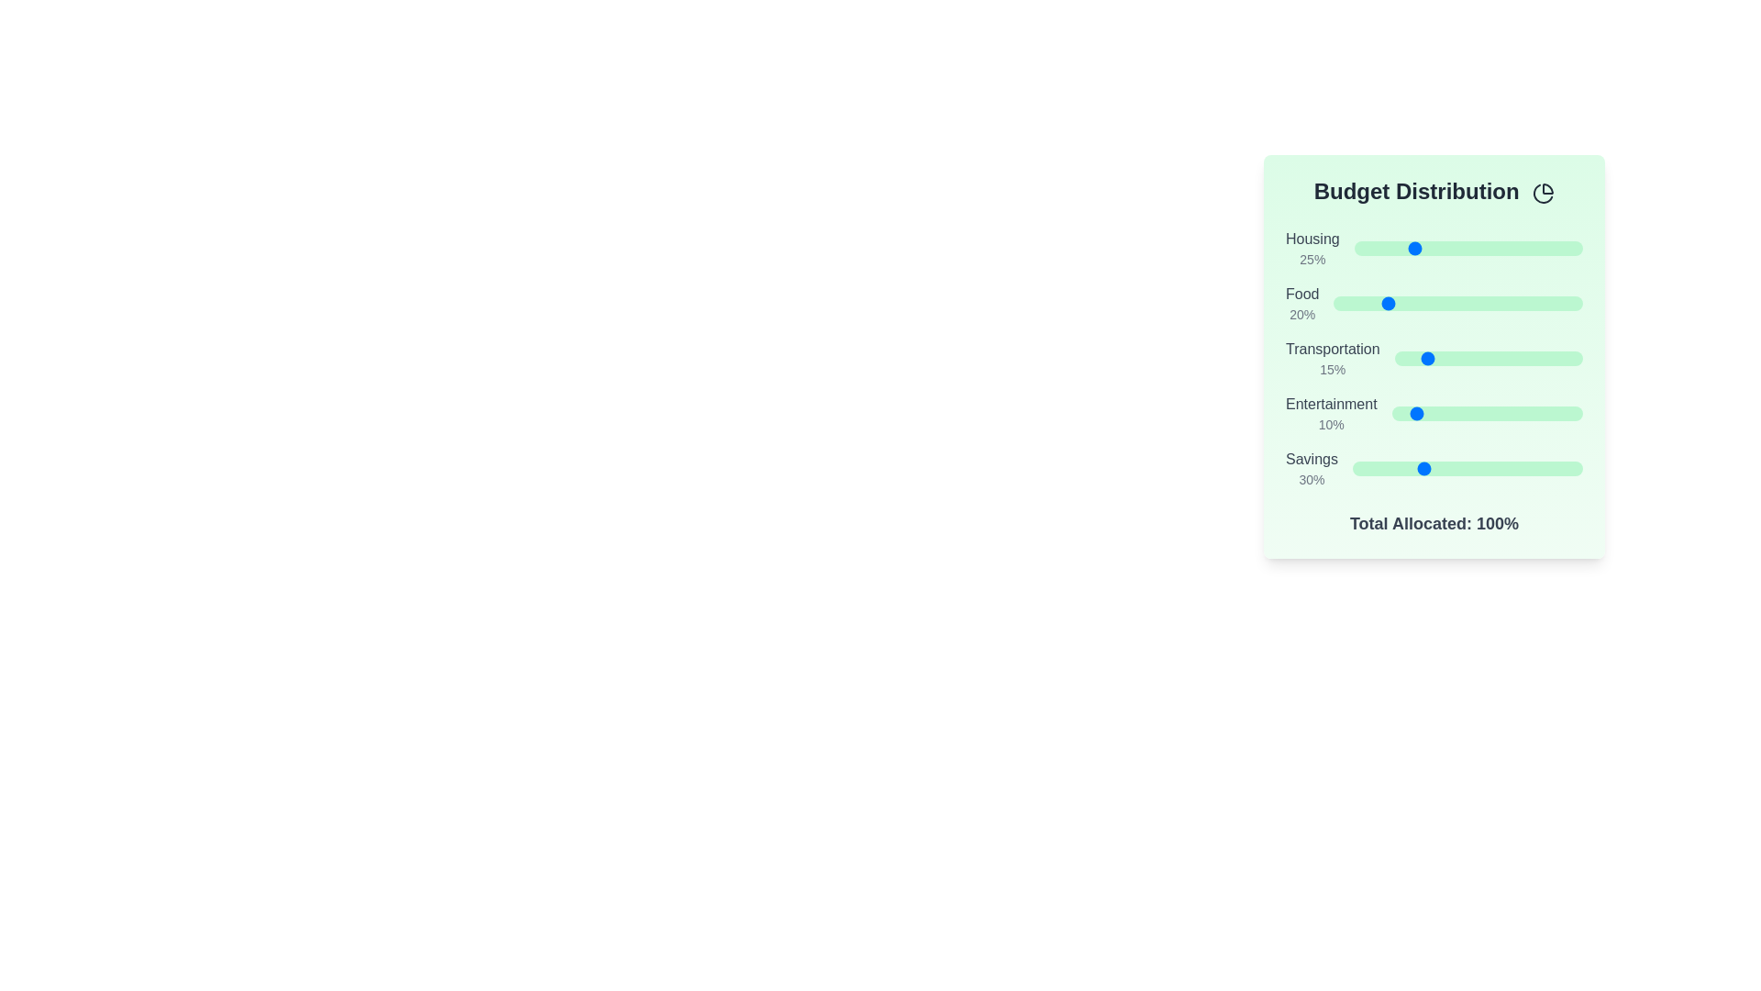 The height and width of the screenshot is (991, 1761). What do you see at coordinates (1331, 403) in the screenshot?
I see `the category name Entertainment to highlight it` at bounding box center [1331, 403].